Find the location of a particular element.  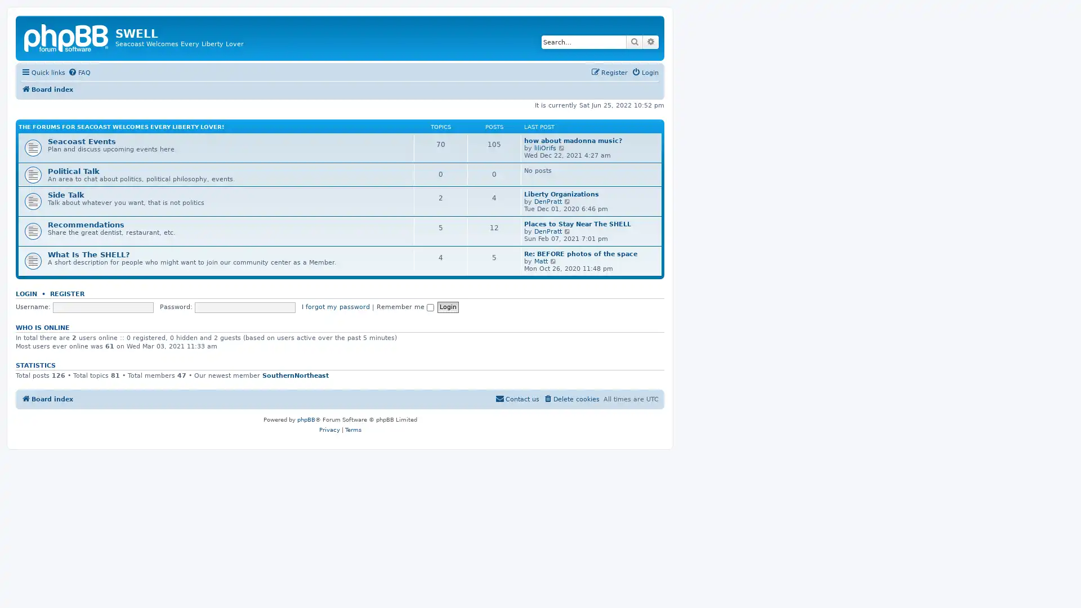

Search is located at coordinates (635, 41).